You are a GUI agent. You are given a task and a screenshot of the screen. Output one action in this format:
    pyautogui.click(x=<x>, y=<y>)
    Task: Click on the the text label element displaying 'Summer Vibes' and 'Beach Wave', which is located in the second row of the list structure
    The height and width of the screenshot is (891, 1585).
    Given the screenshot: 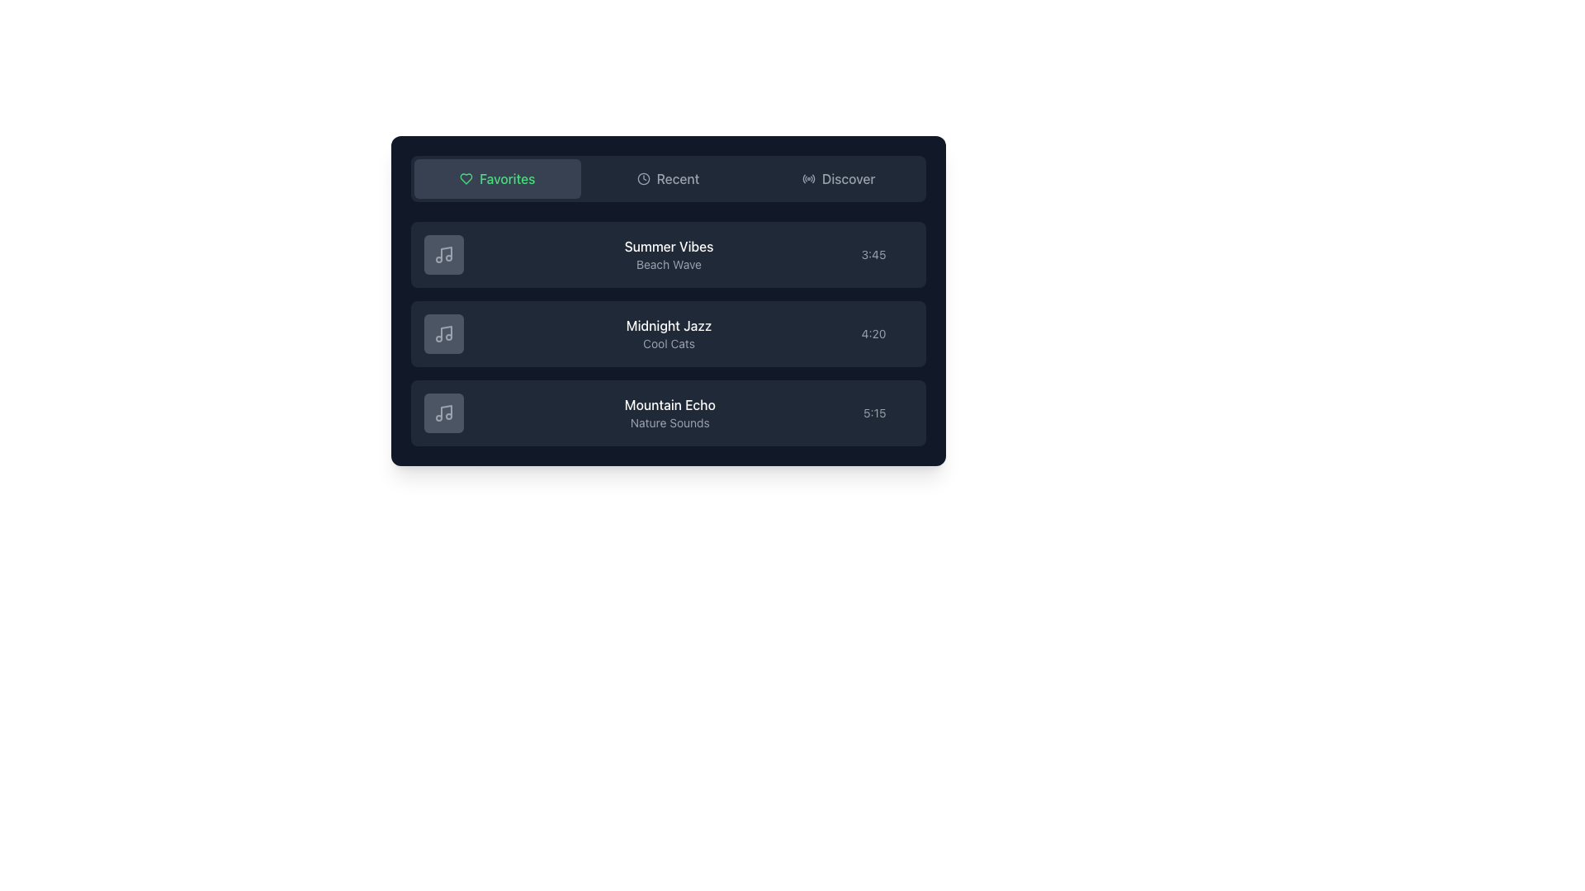 What is the action you would take?
    pyautogui.click(x=669, y=254)
    